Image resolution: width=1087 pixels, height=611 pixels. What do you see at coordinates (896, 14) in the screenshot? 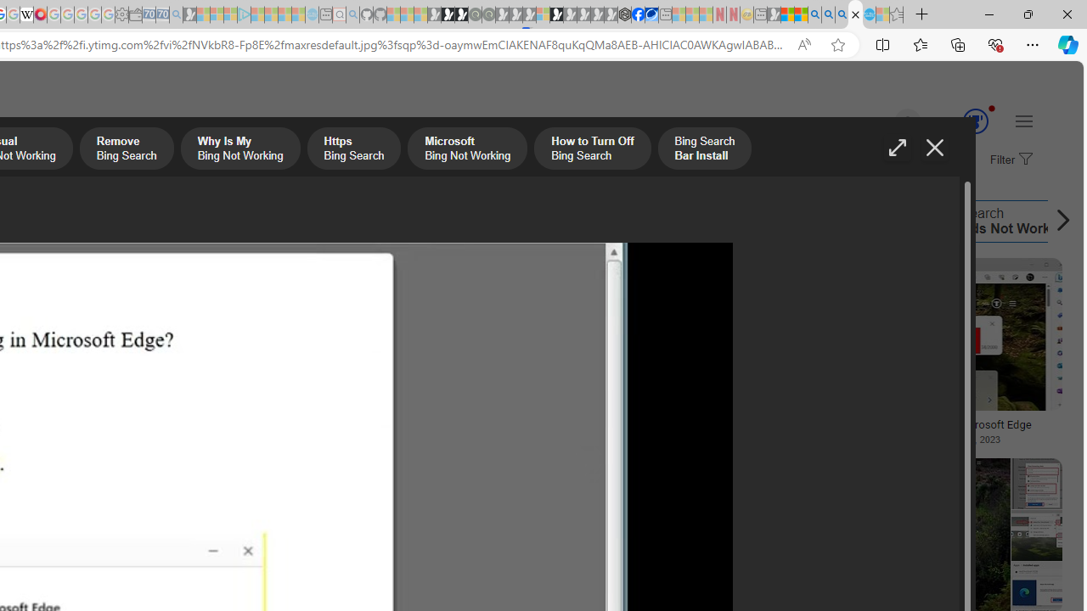
I see `'Favorites - Sleeping'` at bounding box center [896, 14].